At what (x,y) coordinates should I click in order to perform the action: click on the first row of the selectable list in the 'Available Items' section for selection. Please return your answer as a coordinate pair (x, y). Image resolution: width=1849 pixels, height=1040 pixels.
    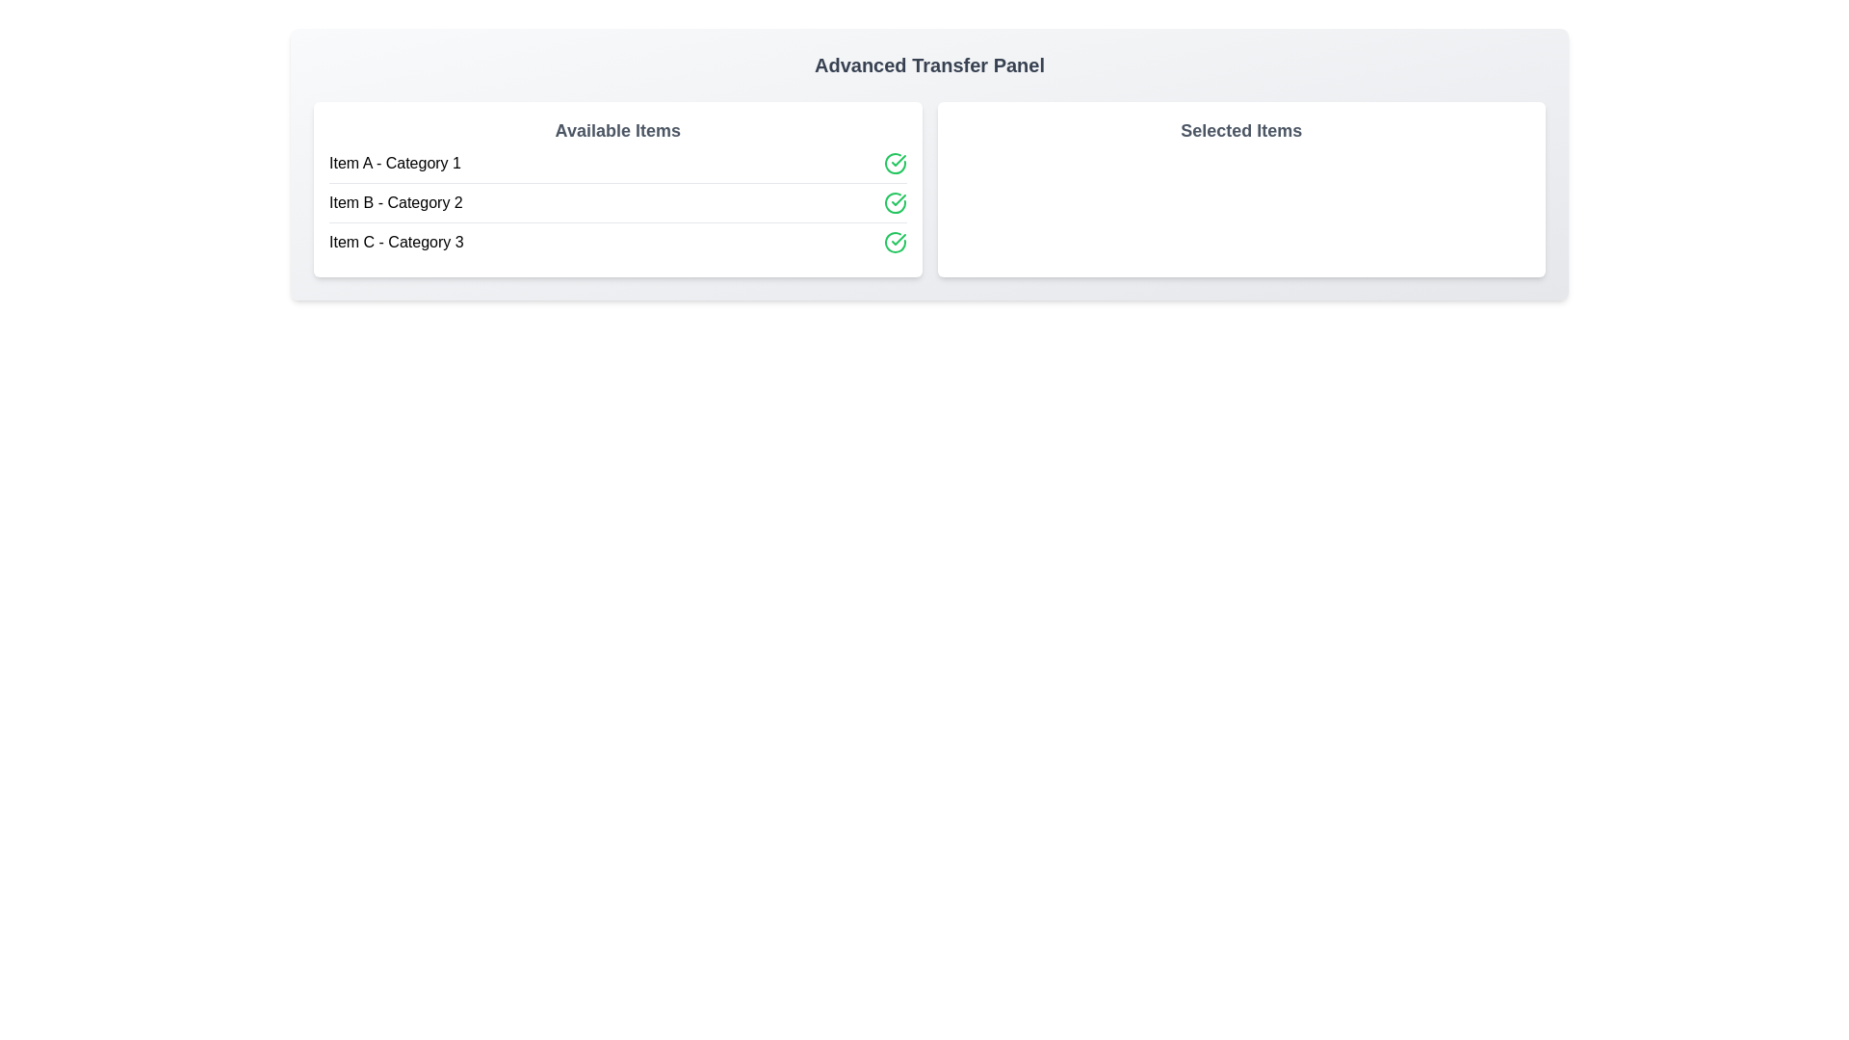
    Looking at the image, I should click on (617, 162).